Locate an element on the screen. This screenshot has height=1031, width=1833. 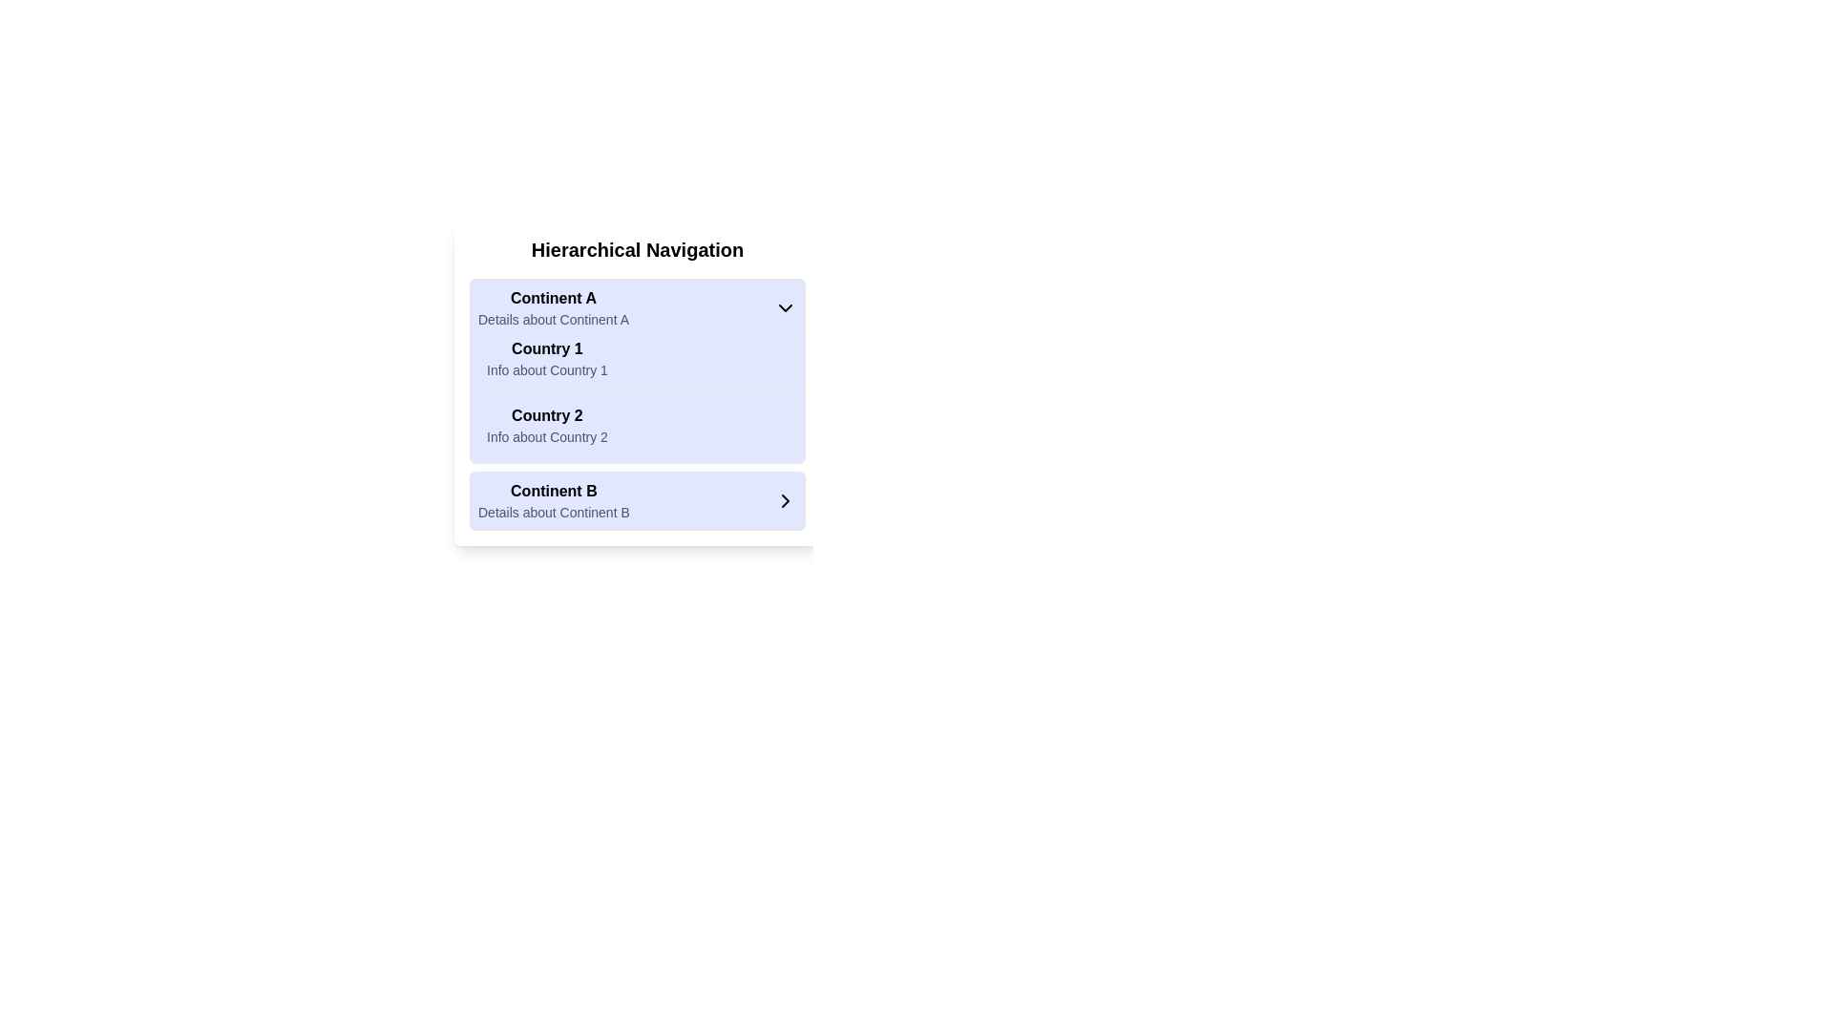
text displayed in the Text Display Element that shows 'Country 2' in bold and 'Info about Country 2' below it in smaller gray text, which is the second item under the 'Continent A' section is located at coordinates (546, 425).